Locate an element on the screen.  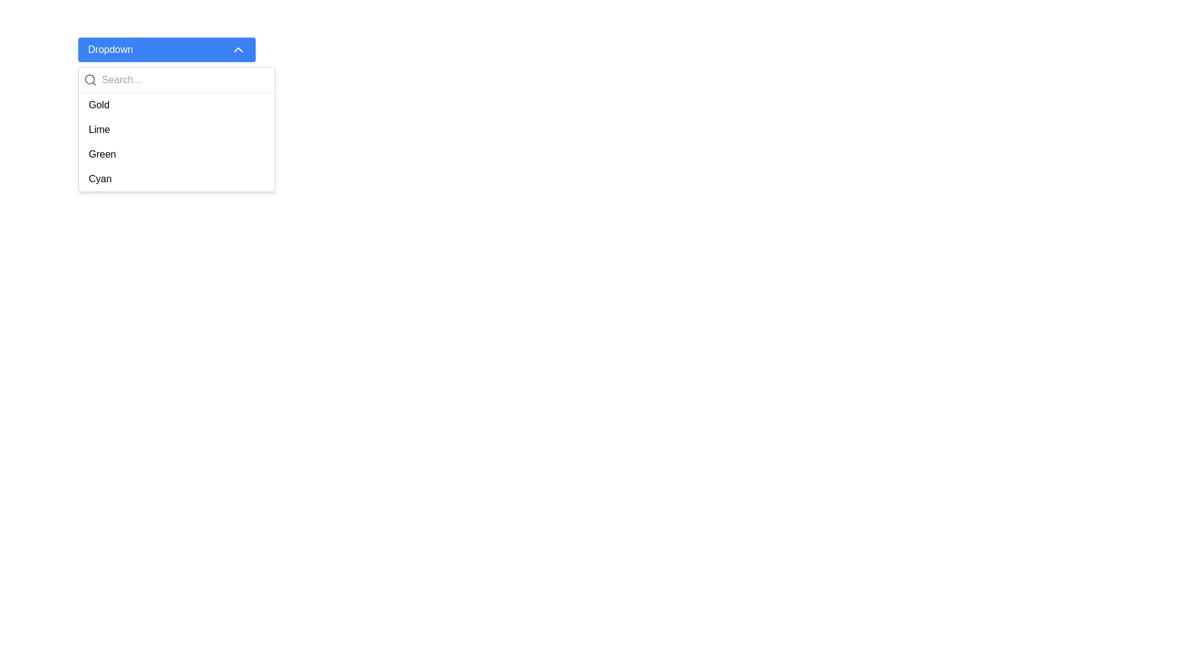
to select the 'Cyan' option from the dropdown list, which is the last item displayed in the list below 'Gold', 'Lime', and 'Green' is located at coordinates (100, 179).